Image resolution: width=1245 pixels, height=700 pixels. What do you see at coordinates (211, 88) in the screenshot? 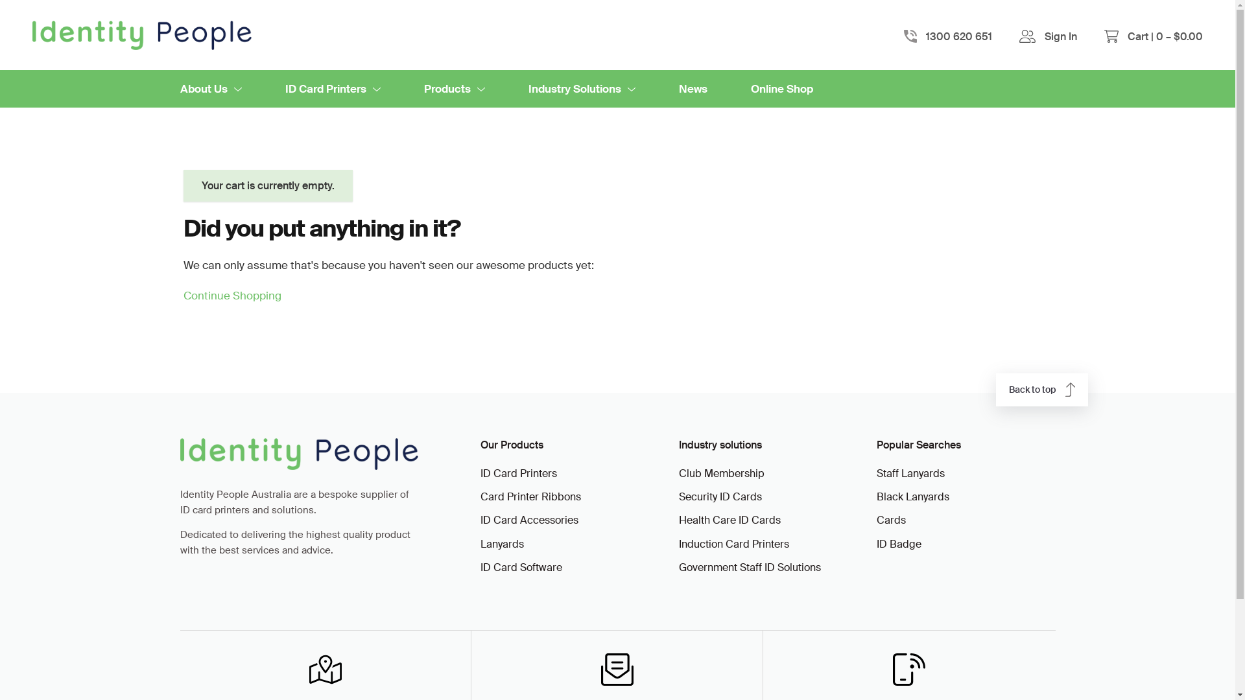
I see `'About Us'` at bounding box center [211, 88].